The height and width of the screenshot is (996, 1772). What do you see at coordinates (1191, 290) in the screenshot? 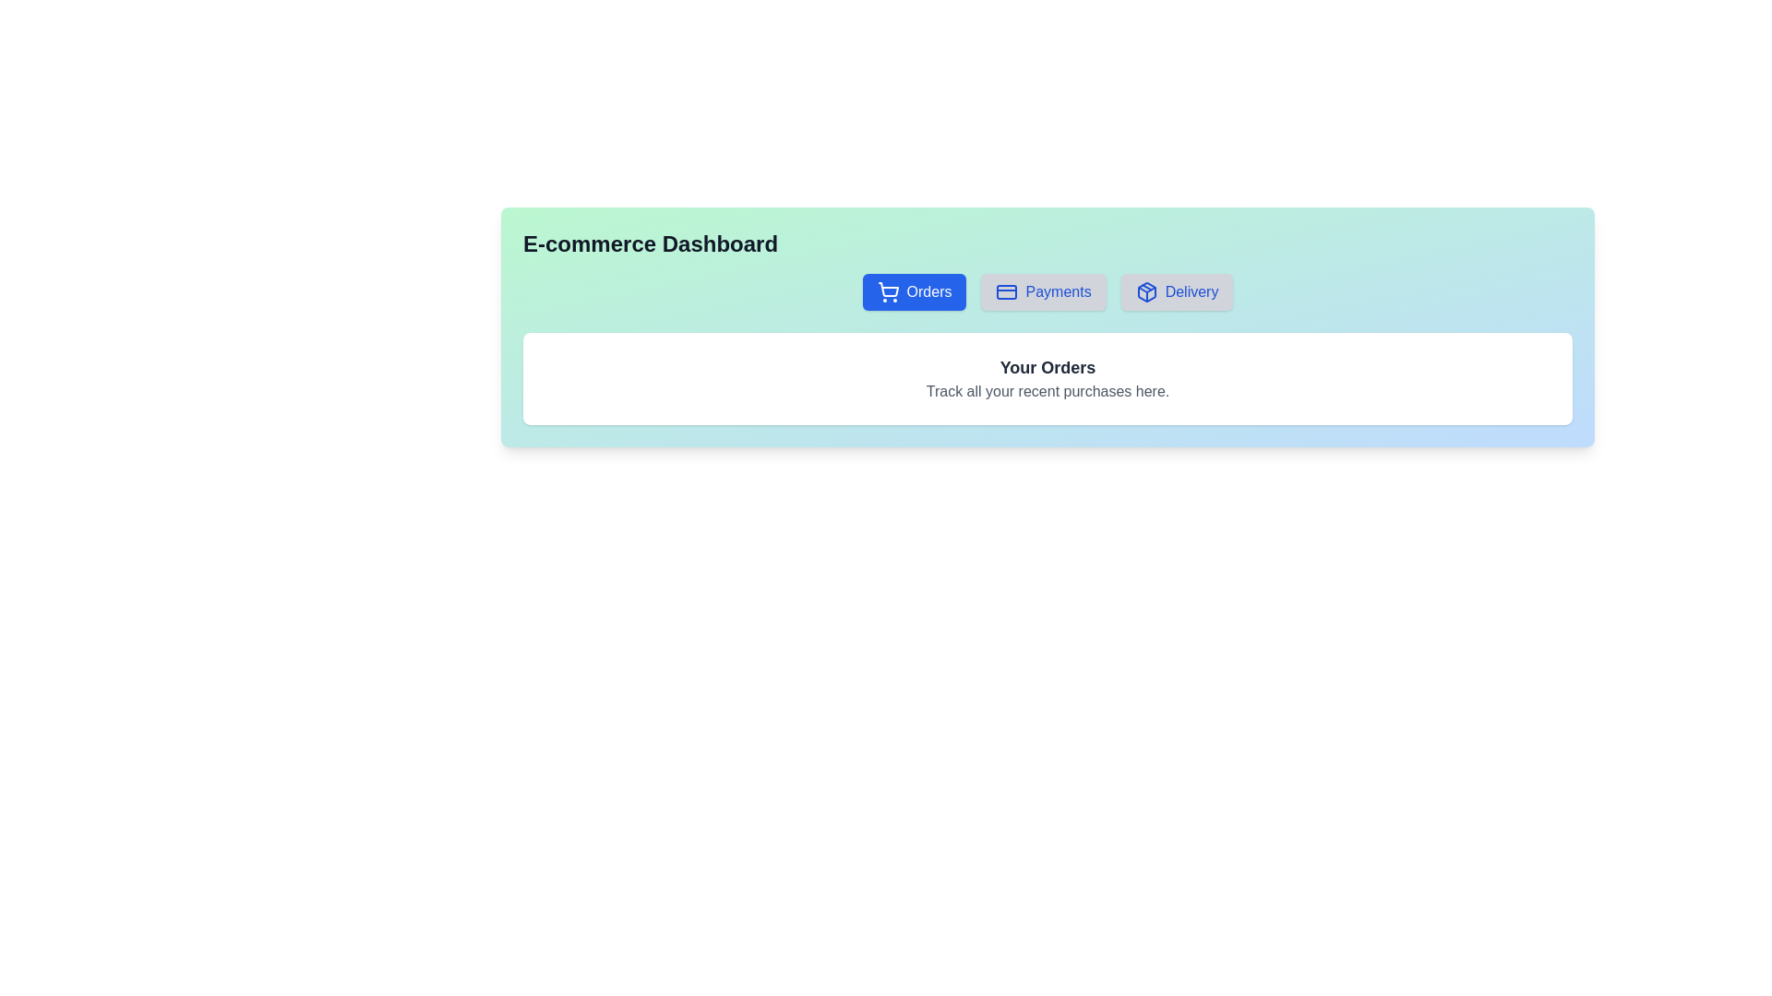
I see `the 'Delivery' label within its button, which is located in the top section of the interface to the far right among a row of buttons` at bounding box center [1191, 290].